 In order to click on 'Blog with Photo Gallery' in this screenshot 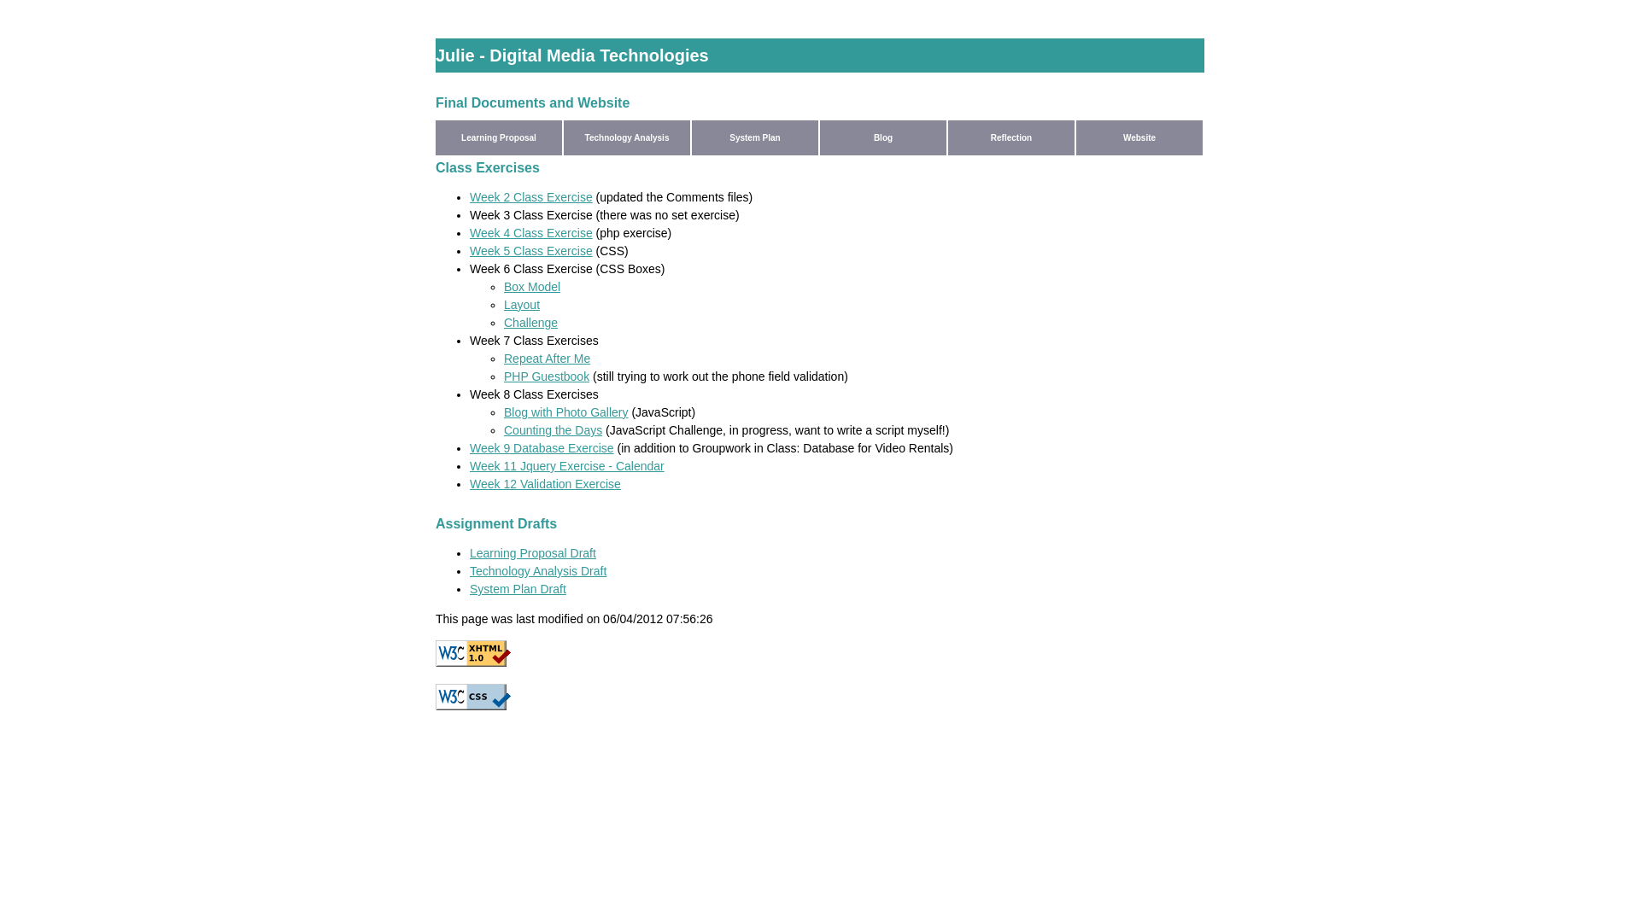, I will do `click(503, 411)`.